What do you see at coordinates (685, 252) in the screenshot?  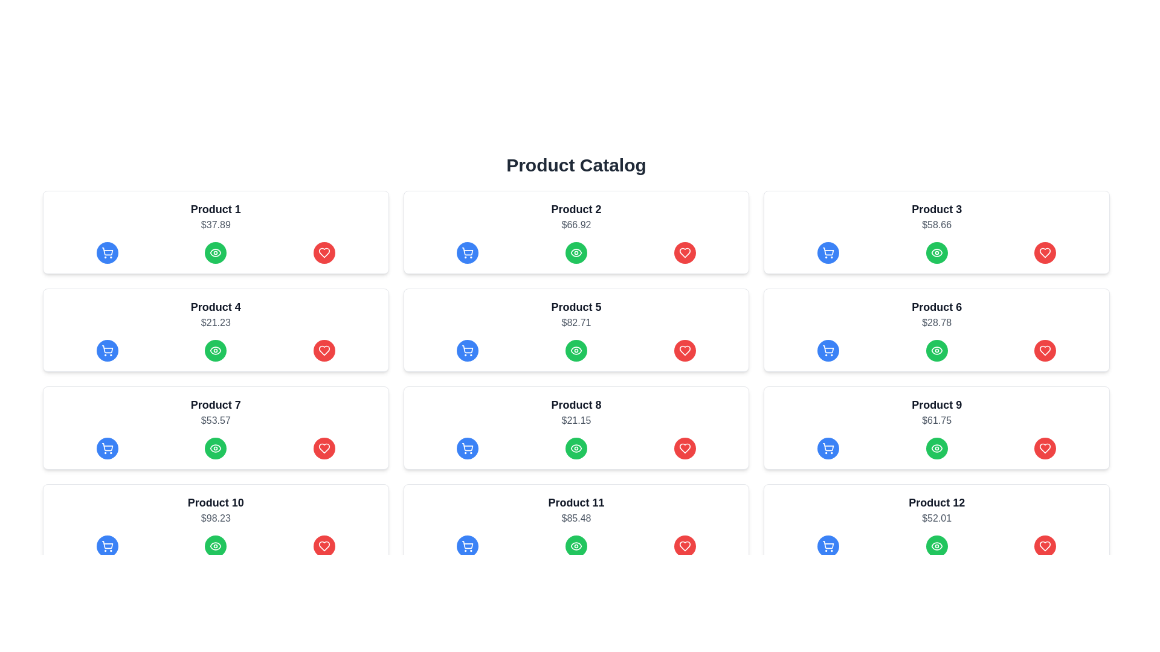 I see `the heart-shaped icon outlined in red within the circular red button, located in the rightmost part of the button row for 'Product 2', to possibly reveal tooltip information` at bounding box center [685, 252].